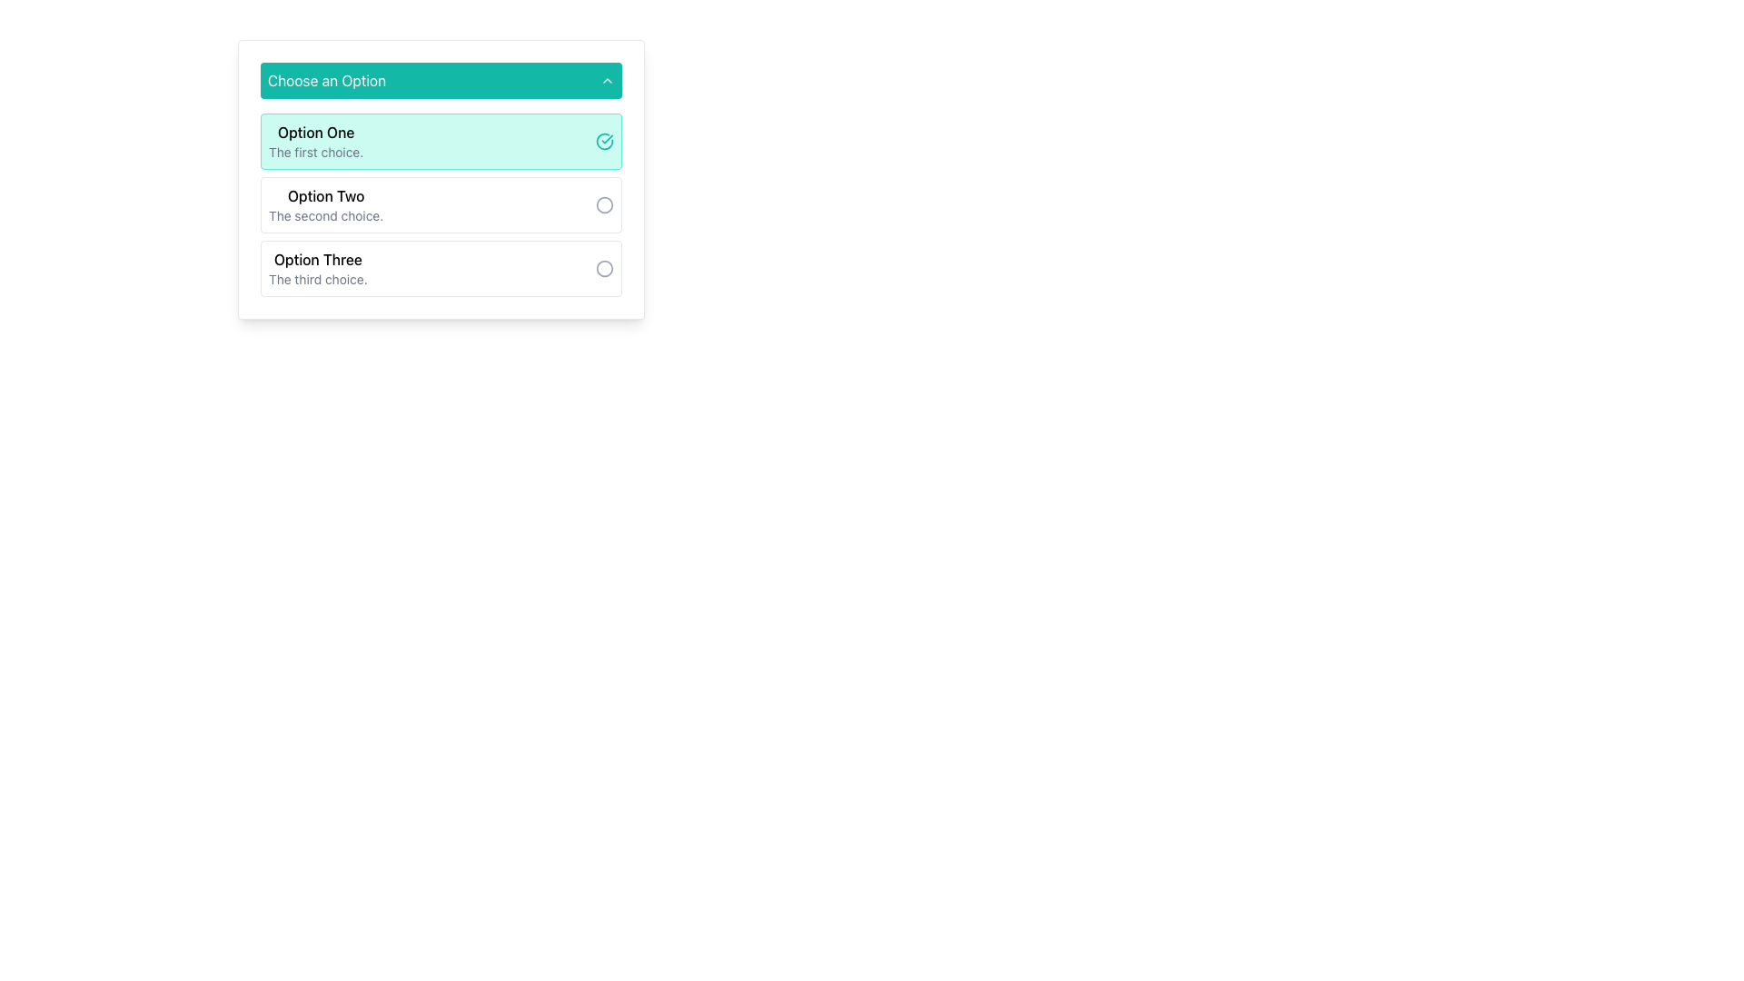 This screenshot has height=981, width=1744. Describe the element at coordinates (326, 196) in the screenshot. I see `the text label 'Option Two', which is the second option in a list under the heading 'Choose an Option'` at that location.